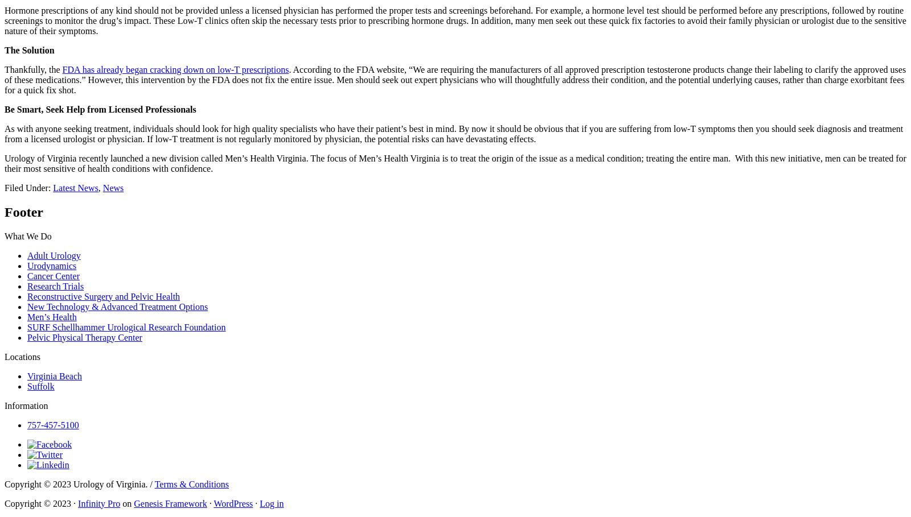 Image resolution: width=911 pixels, height=517 pixels. I want to click on 'Suffolk', so click(40, 386).